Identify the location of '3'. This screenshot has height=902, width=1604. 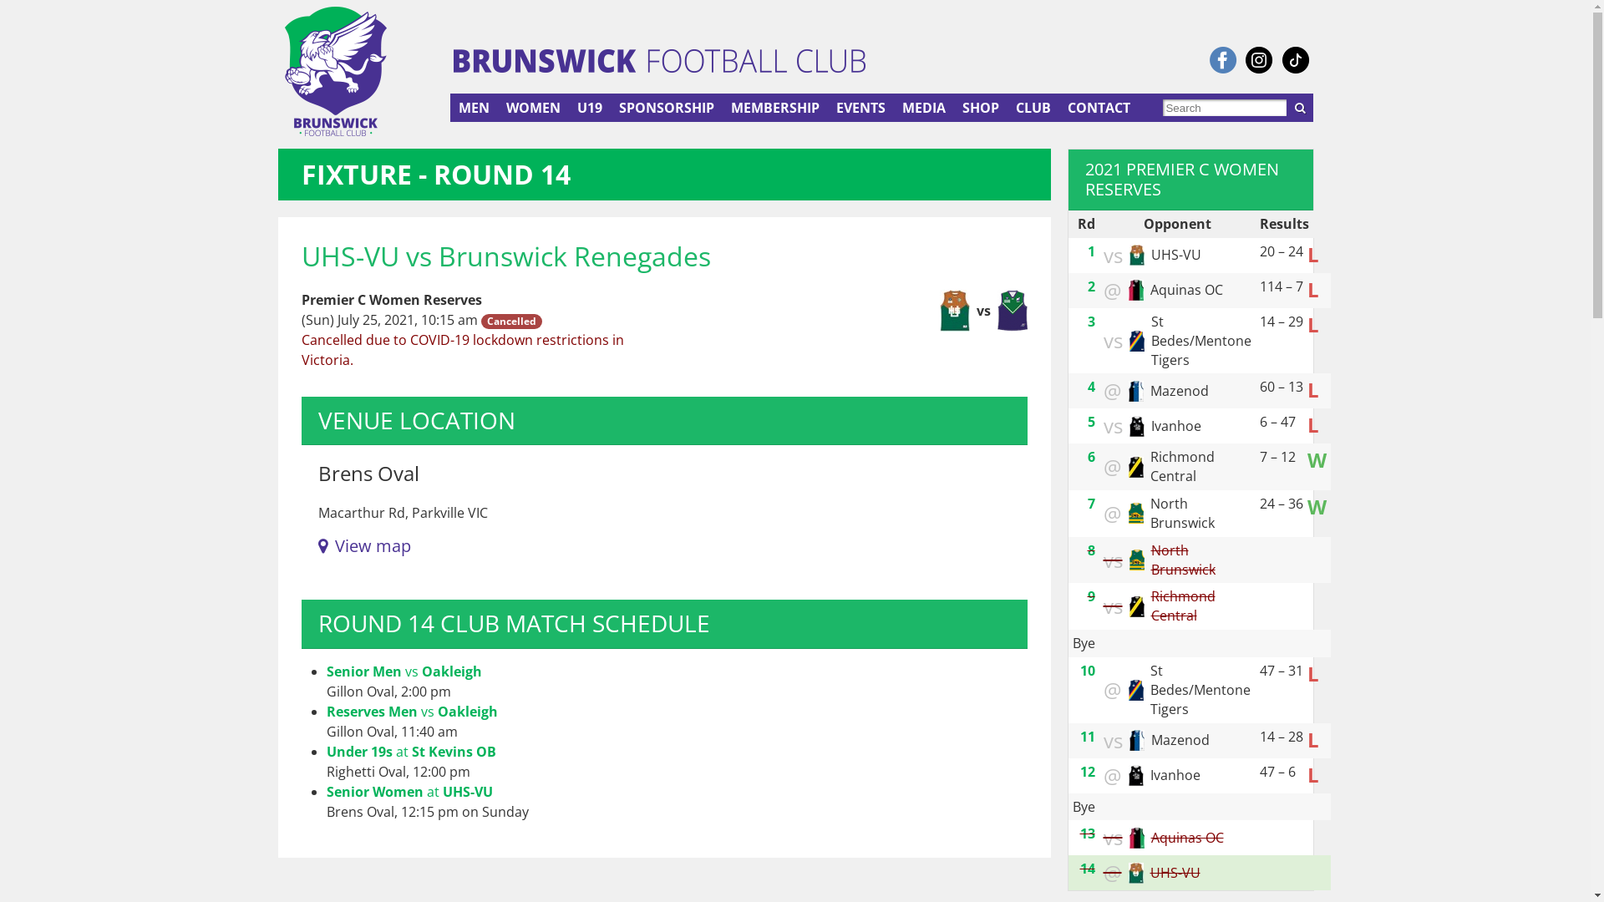
(1091, 322).